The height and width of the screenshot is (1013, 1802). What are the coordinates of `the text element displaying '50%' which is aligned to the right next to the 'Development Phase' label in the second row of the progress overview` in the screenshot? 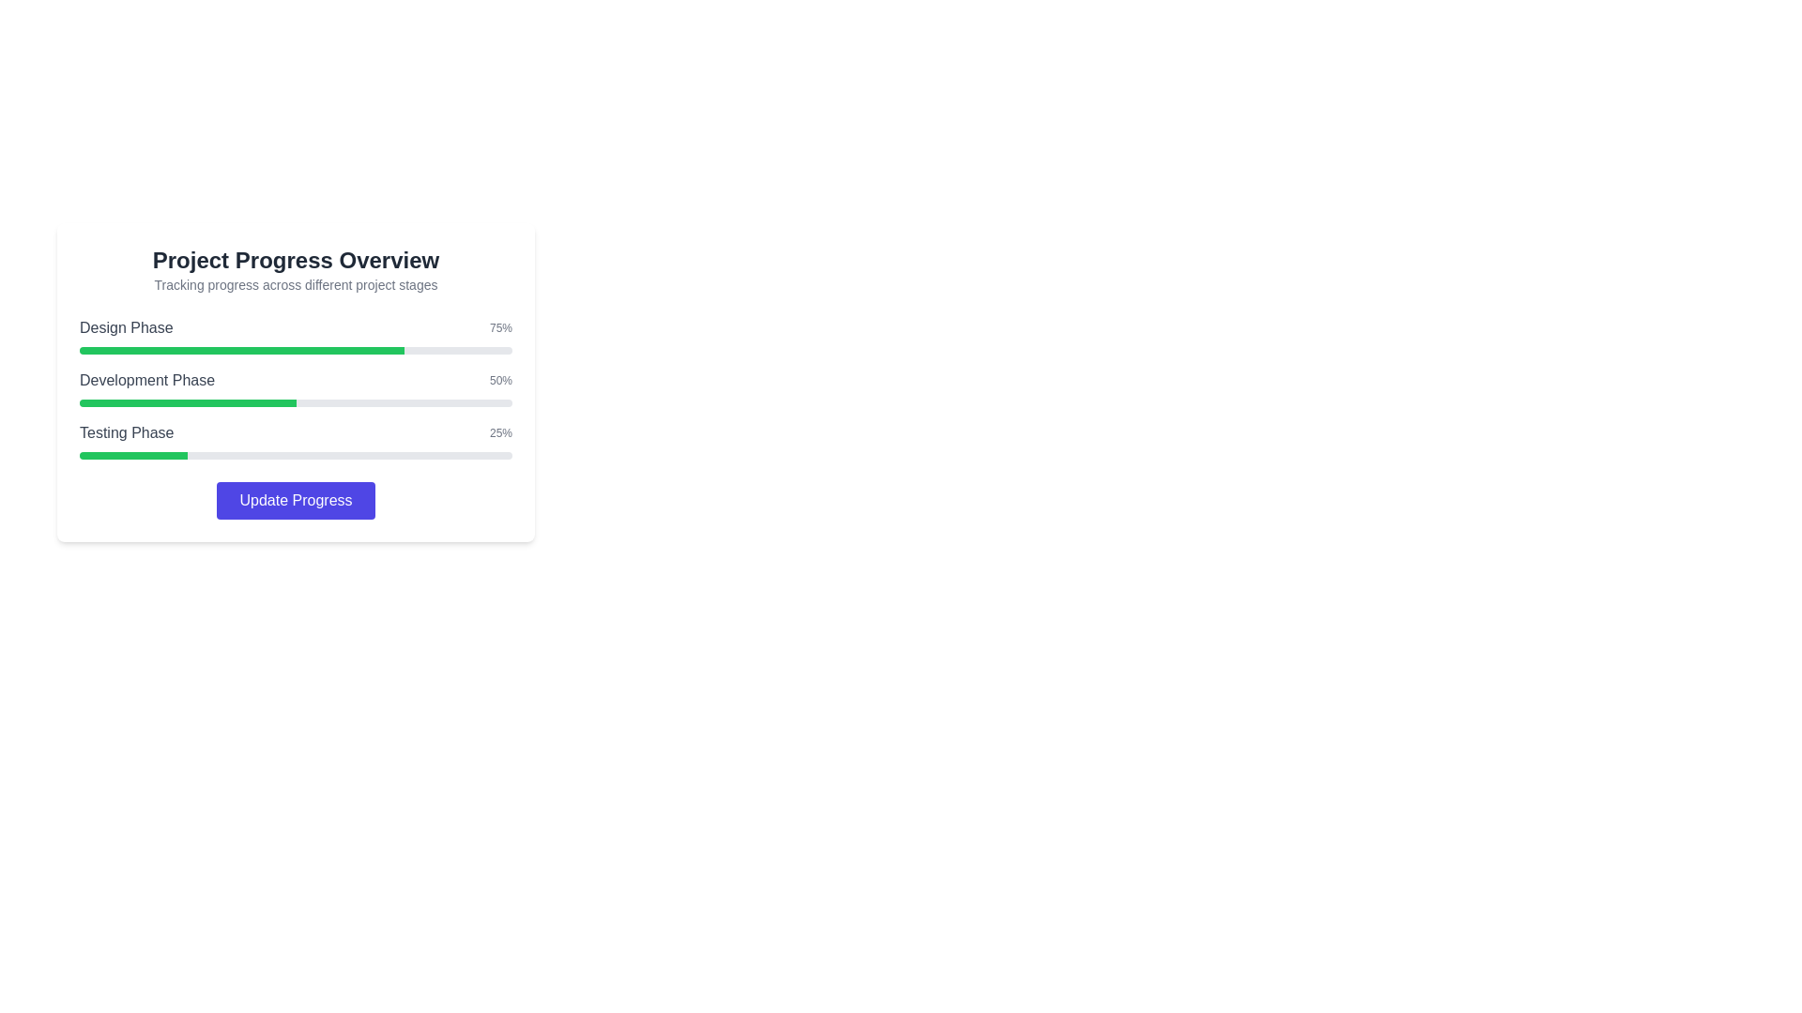 It's located at (500, 380).